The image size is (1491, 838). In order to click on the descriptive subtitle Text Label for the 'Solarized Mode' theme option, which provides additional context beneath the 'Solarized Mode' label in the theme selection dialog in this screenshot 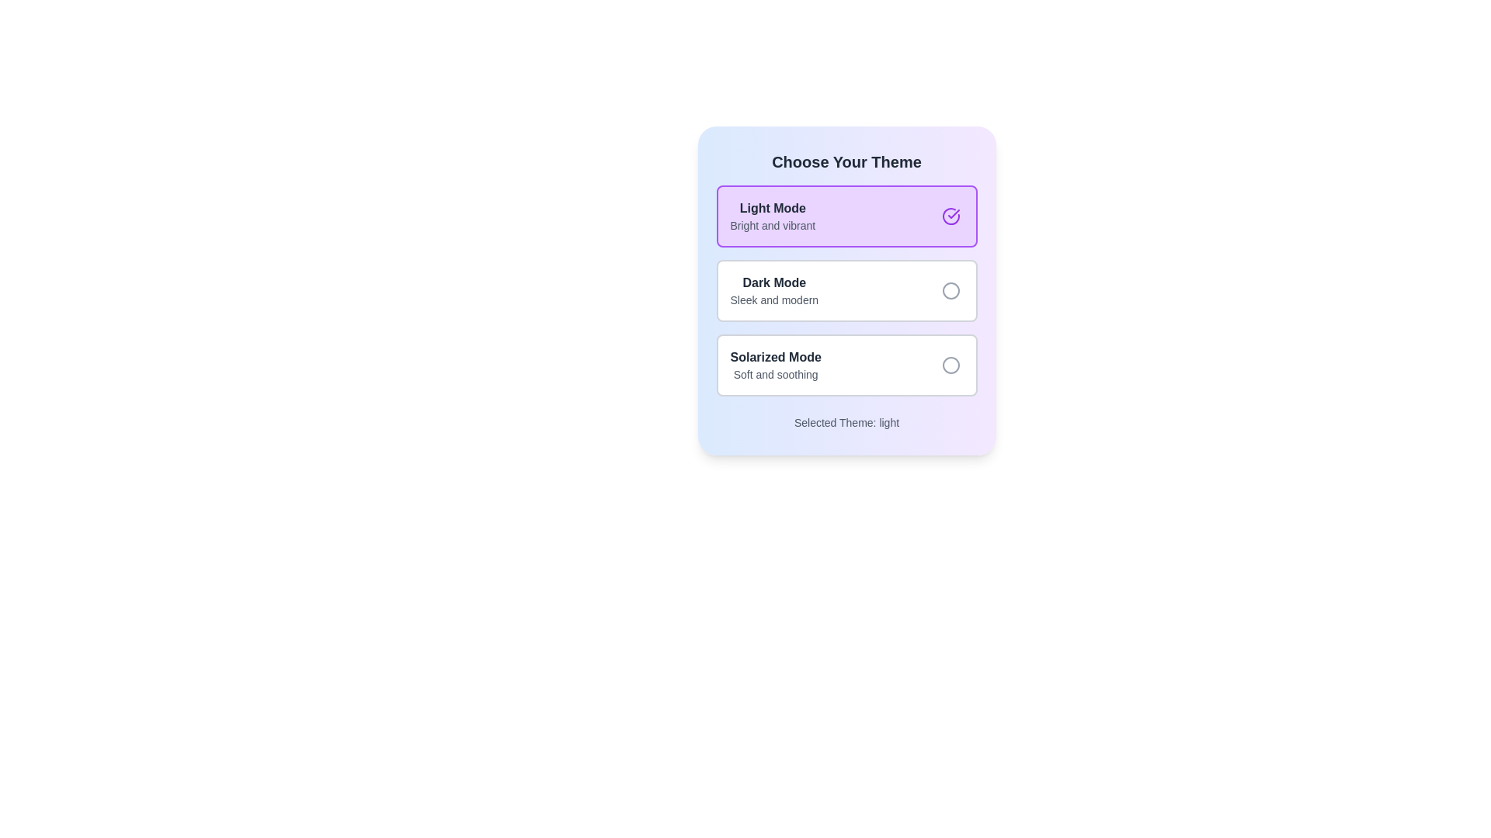, I will do `click(776, 374)`.